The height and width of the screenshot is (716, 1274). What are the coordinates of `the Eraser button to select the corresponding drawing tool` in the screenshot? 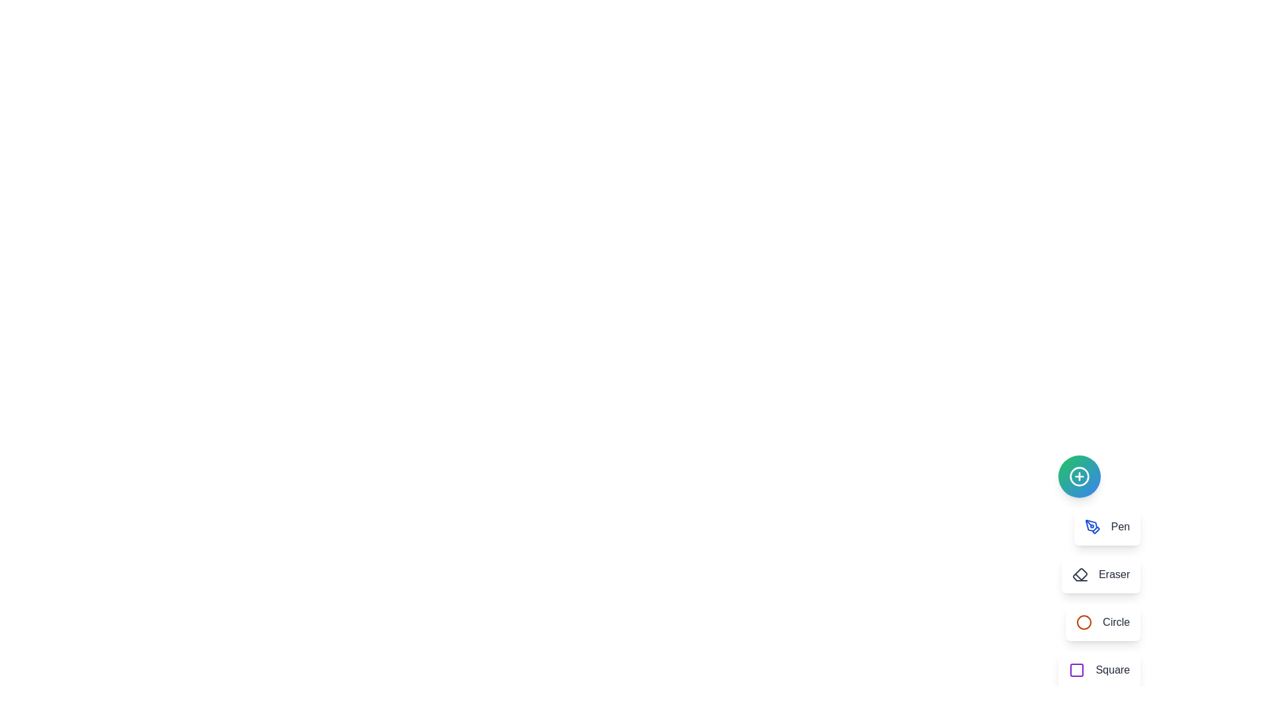 It's located at (1101, 574).